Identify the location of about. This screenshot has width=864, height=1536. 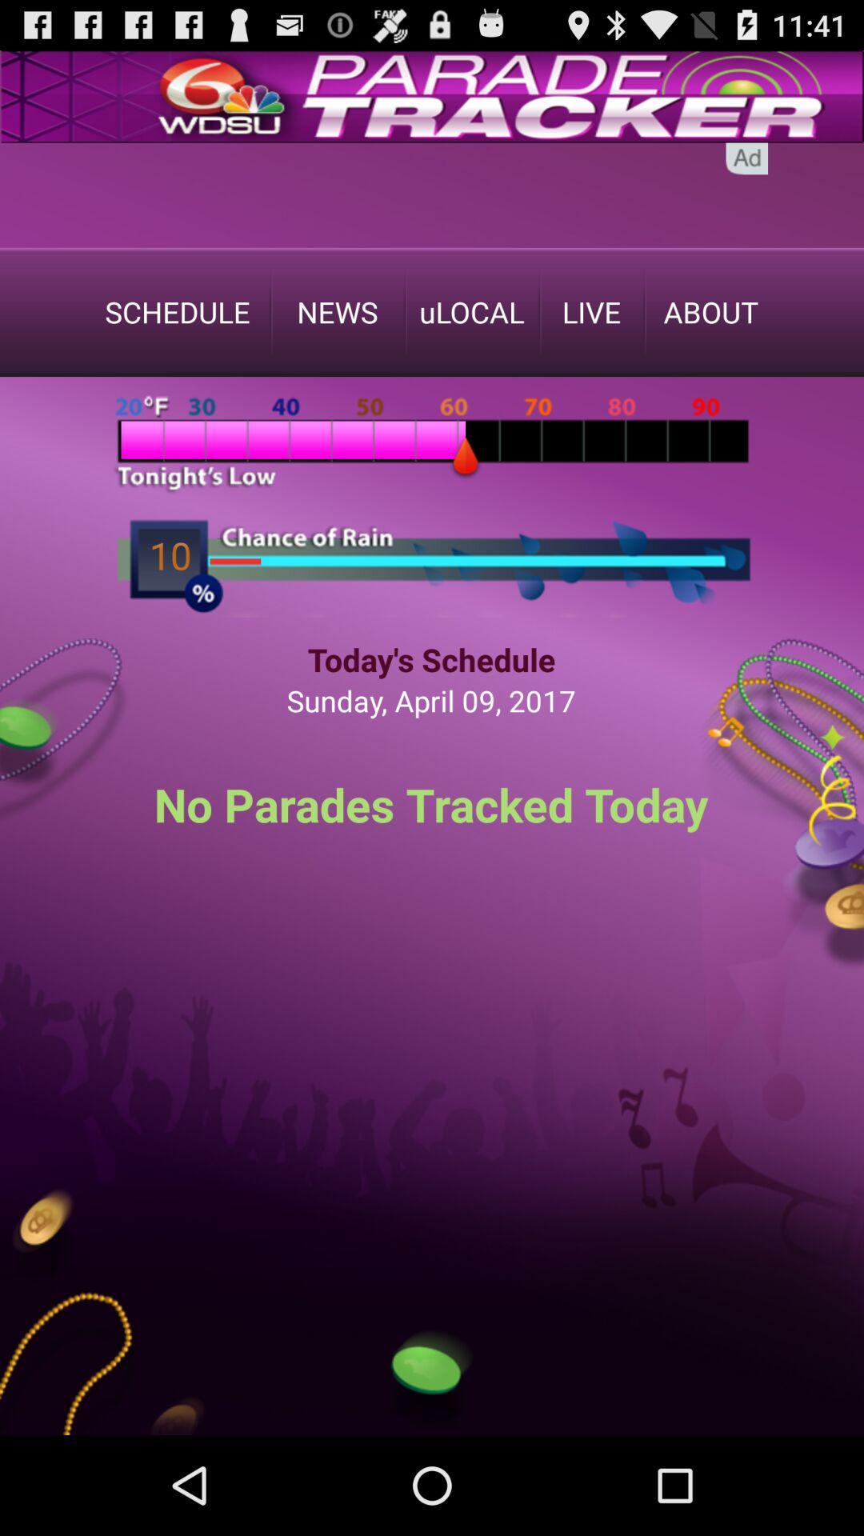
(710, 311).